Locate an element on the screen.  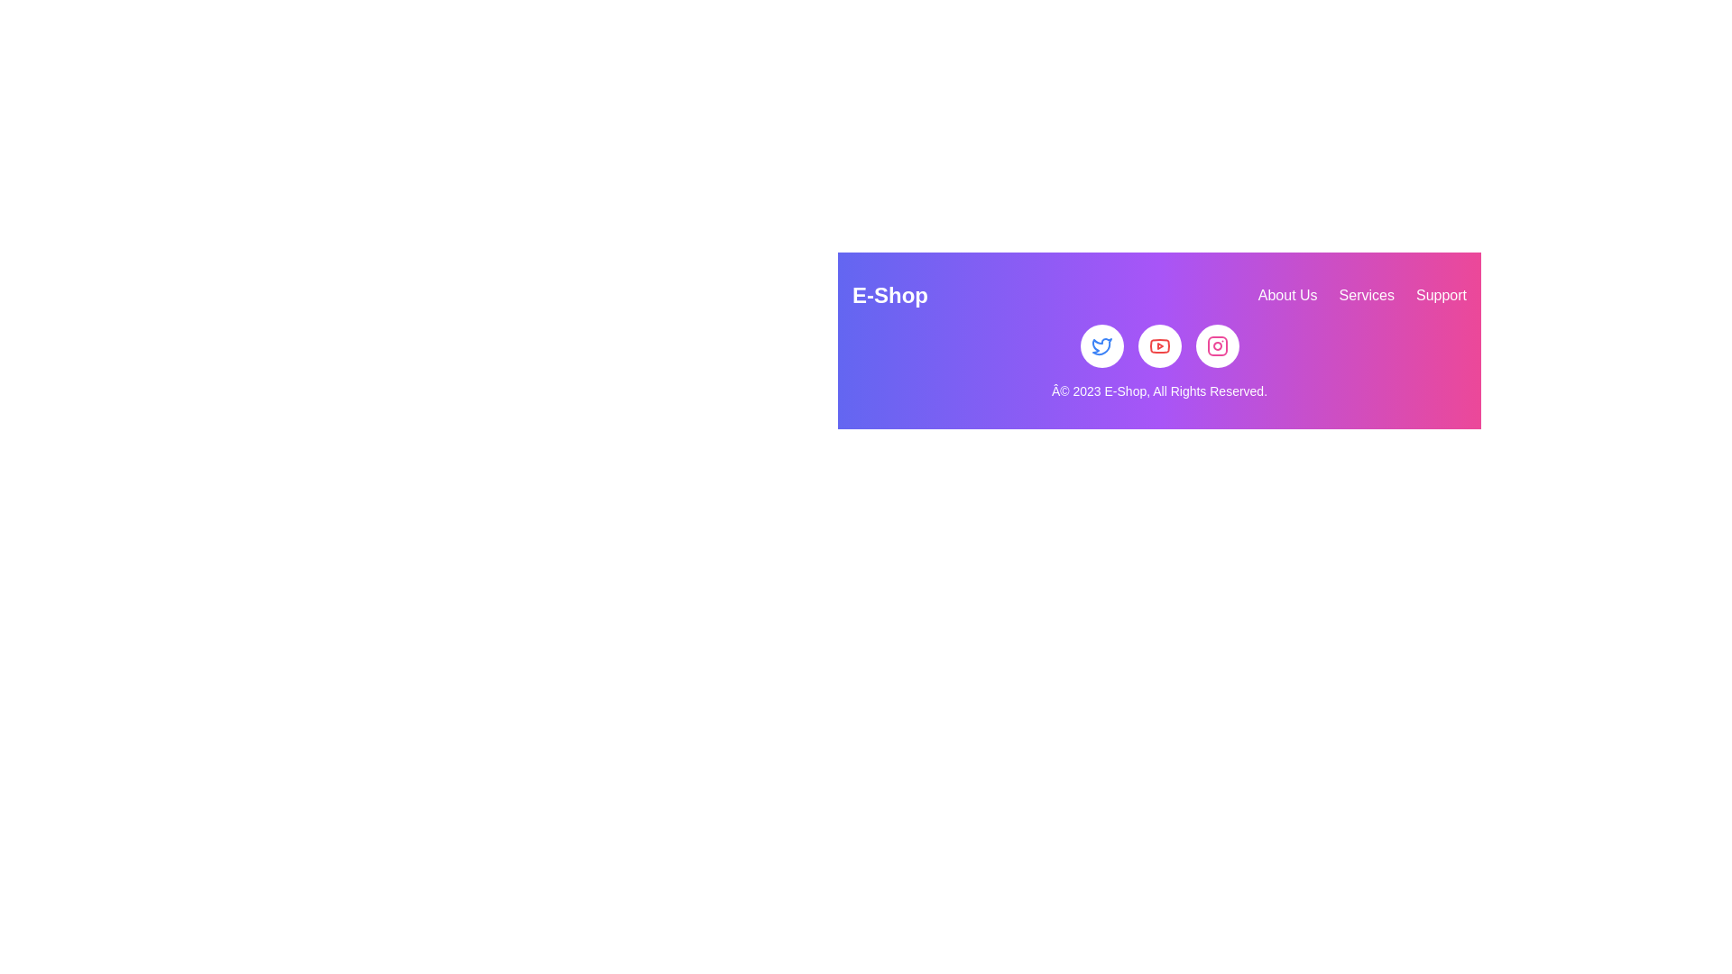
the 'Support' hyperlink located at the far right of the navigation menu to observe the interactive underline effect is located at coordinates (1441, 294).